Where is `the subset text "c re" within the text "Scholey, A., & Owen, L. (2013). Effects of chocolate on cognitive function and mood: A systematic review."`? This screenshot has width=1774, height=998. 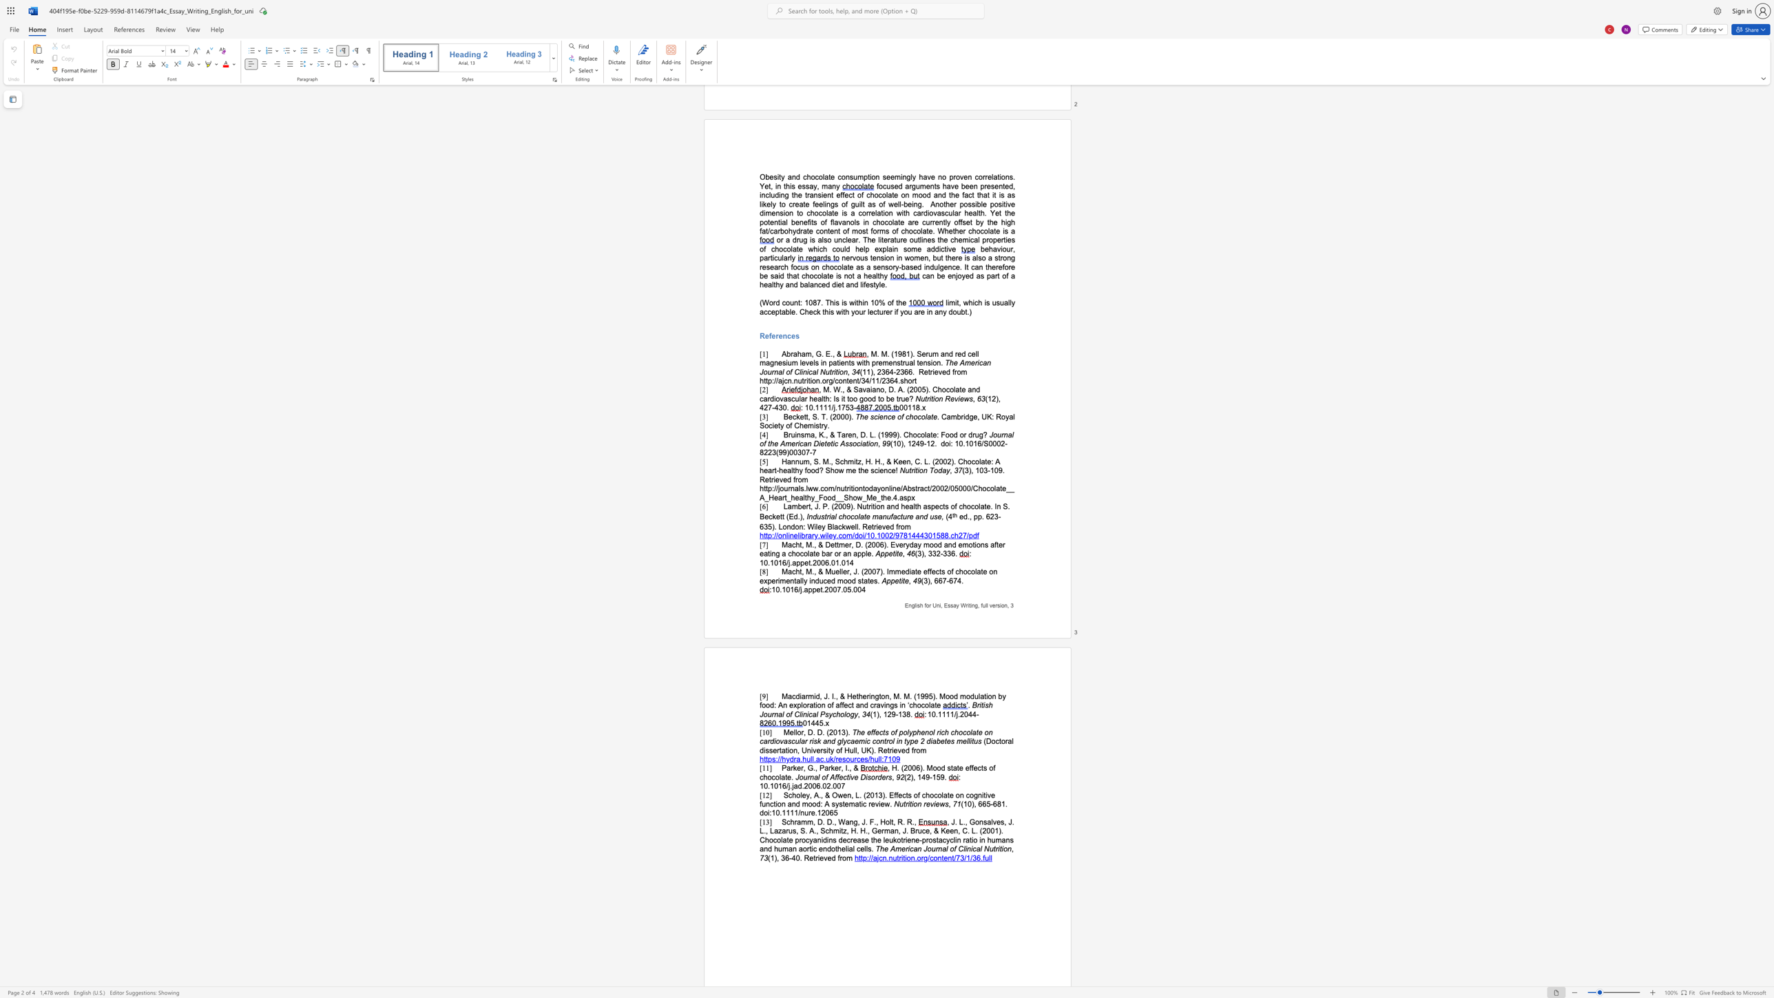 the subset text "c re" within the text "Scholey, A., & Owen, L. (2013). Effects of chocolate on cognitive function and mood: A systematic review." is located at coordinates (862, 804).